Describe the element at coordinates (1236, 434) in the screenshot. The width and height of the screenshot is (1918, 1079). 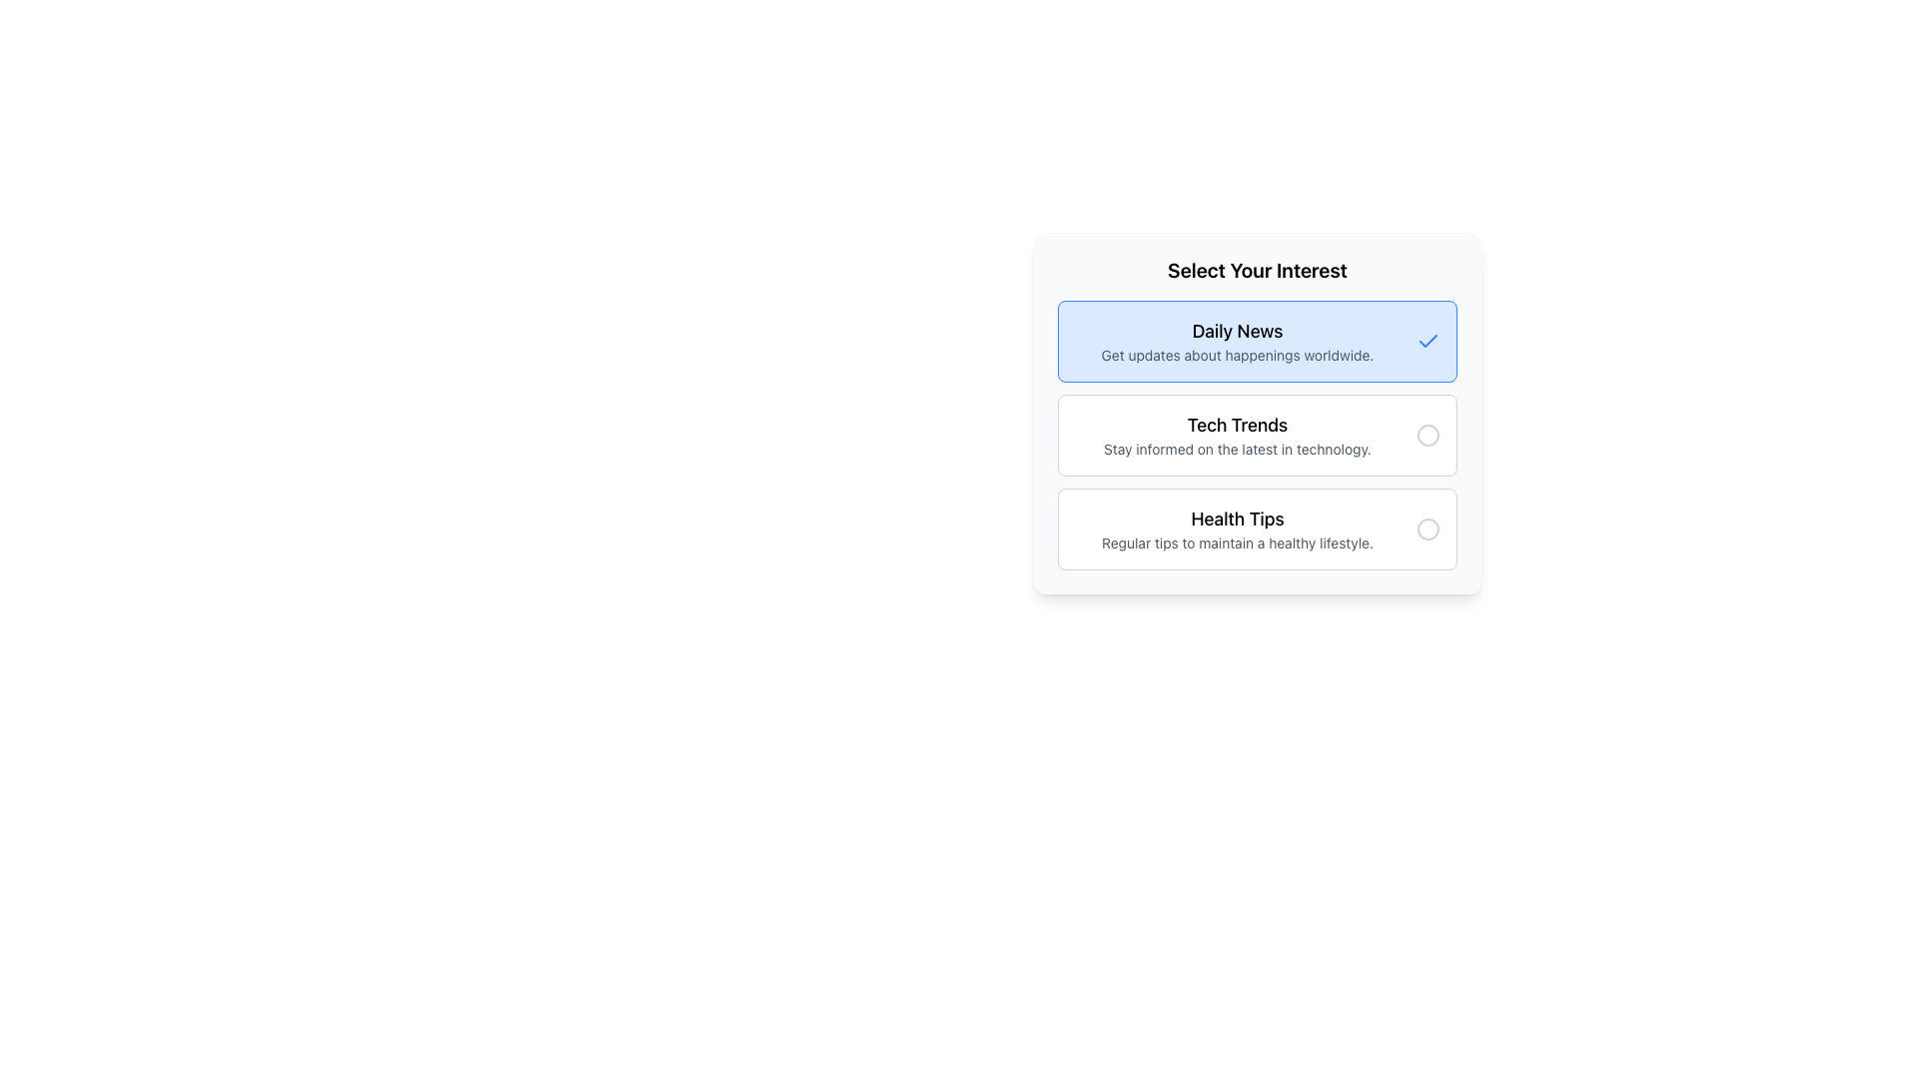
I see `the second entry in the vertical list of options, which serves as a text block providing a title and description for a selectable category, located between 'Daily News' and 'Health Tips'` at that location.